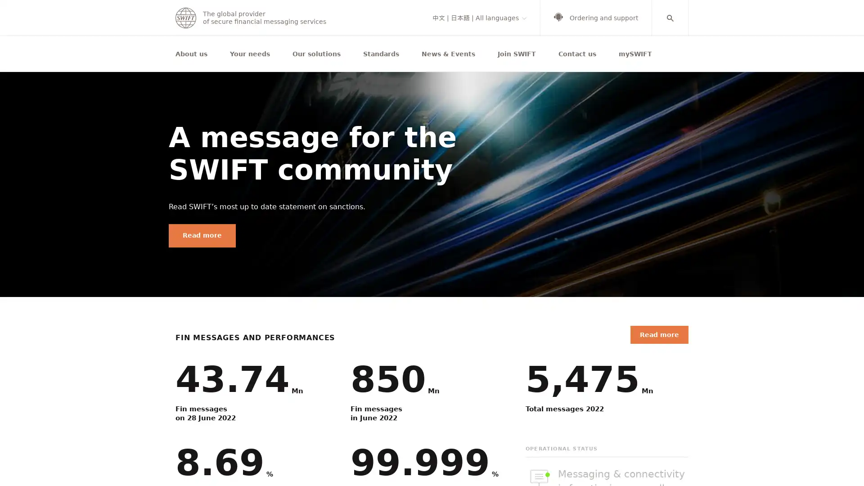 This screenshot has width=864, height=486. What do you see at coordinates (589, 459) in the screenshot?
I see `Cookies Settings` at bounding box center [589, 459].